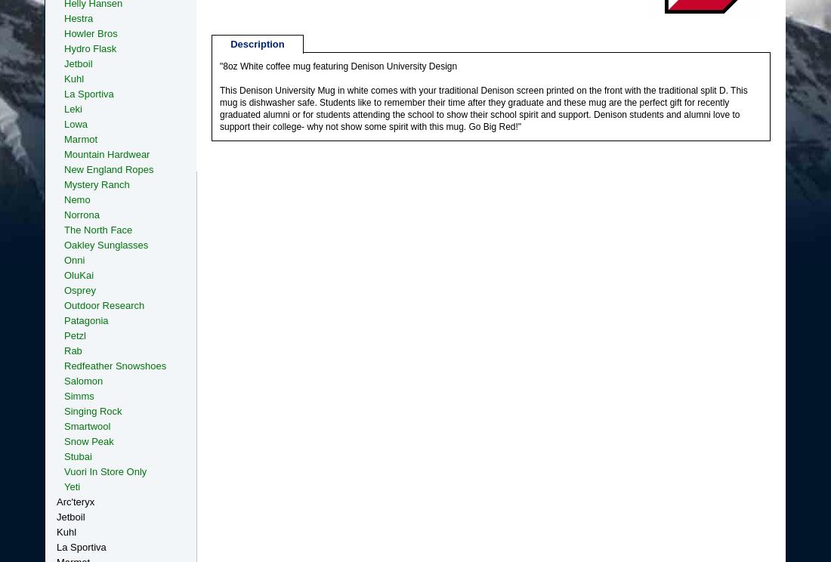 This screenshot has height=562, width=831. Describe the element at coordinates (92, 410) in the screenshot. I see `'Singing Rock'` at that location.